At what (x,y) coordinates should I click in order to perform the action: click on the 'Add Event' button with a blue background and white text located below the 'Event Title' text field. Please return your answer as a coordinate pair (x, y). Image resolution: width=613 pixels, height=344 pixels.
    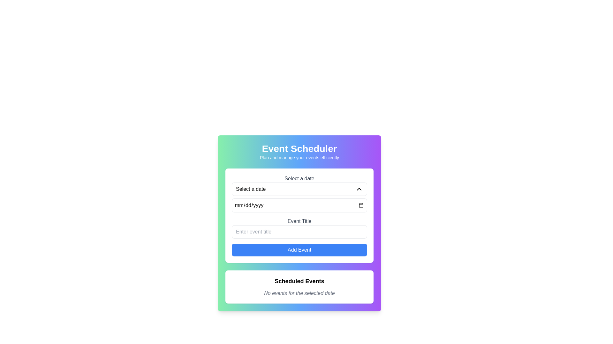
    Looking at the image, I should click on (299, 250).